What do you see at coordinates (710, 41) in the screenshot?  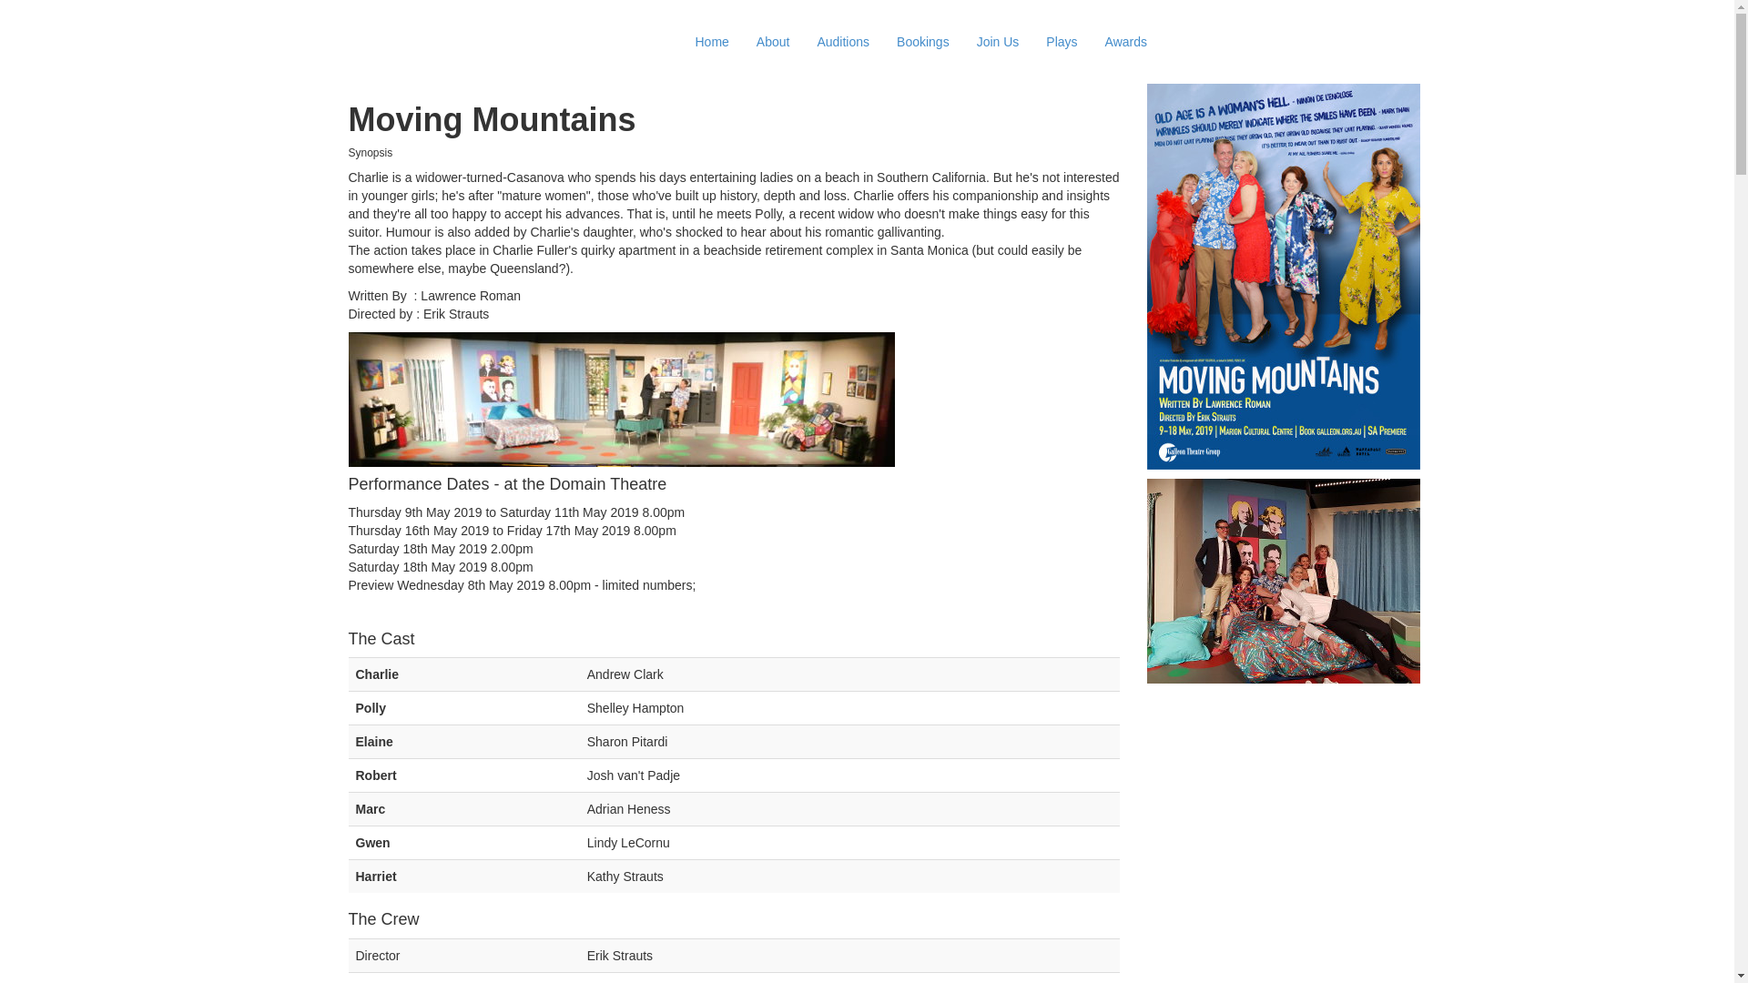 I see `'Home'` at bounding box center [710, 41].